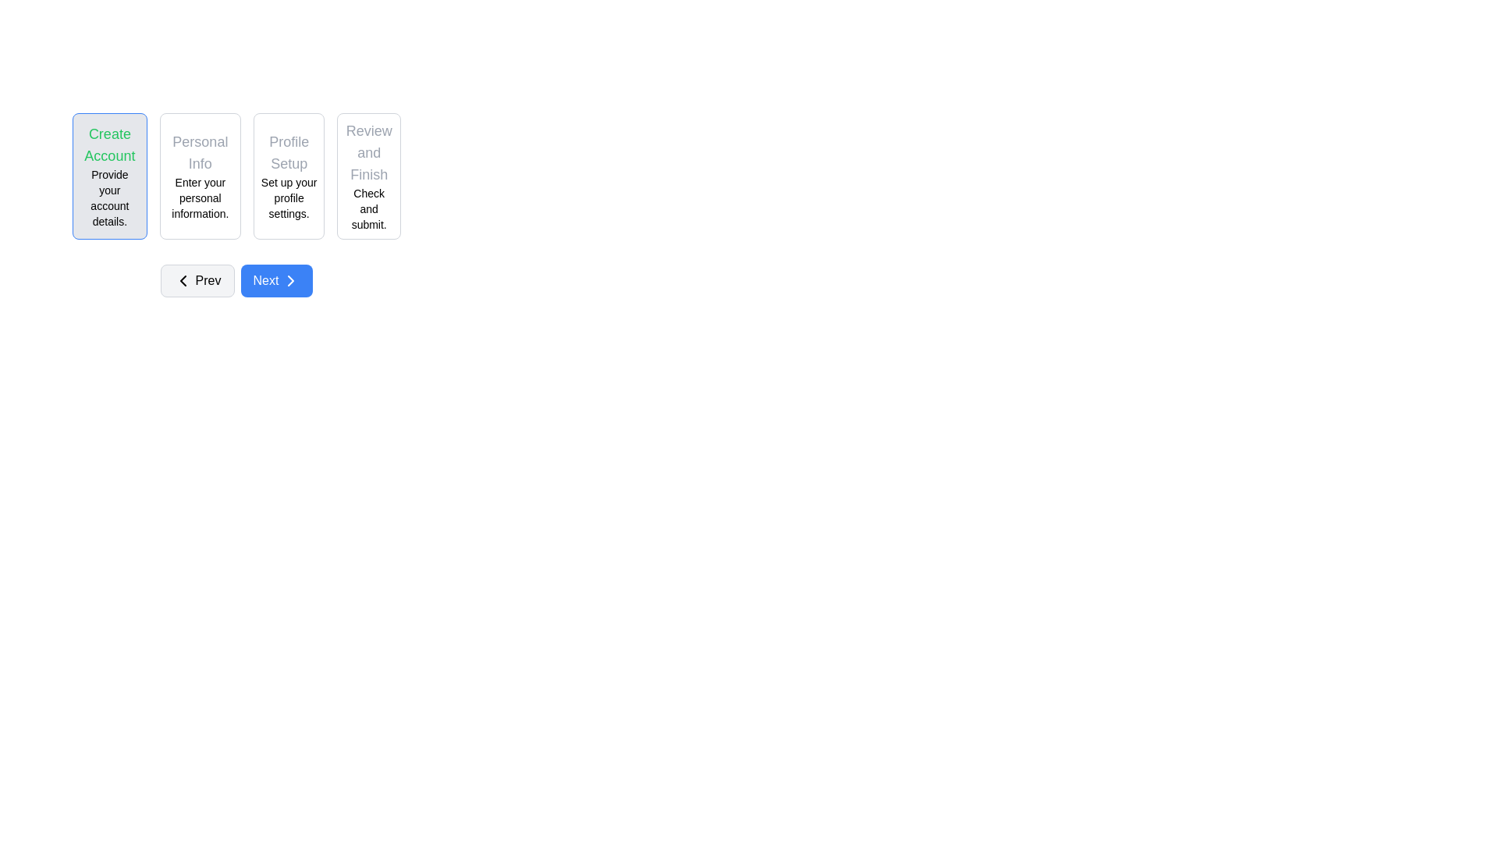 The image size is (1498, 843). What do you see at coordinates (368, 176) in the screenshot?
I see `the 'Review and Finish' button, which is the fourth box in a series of horizontally arranged boxes` at bounding box center [368, 176].